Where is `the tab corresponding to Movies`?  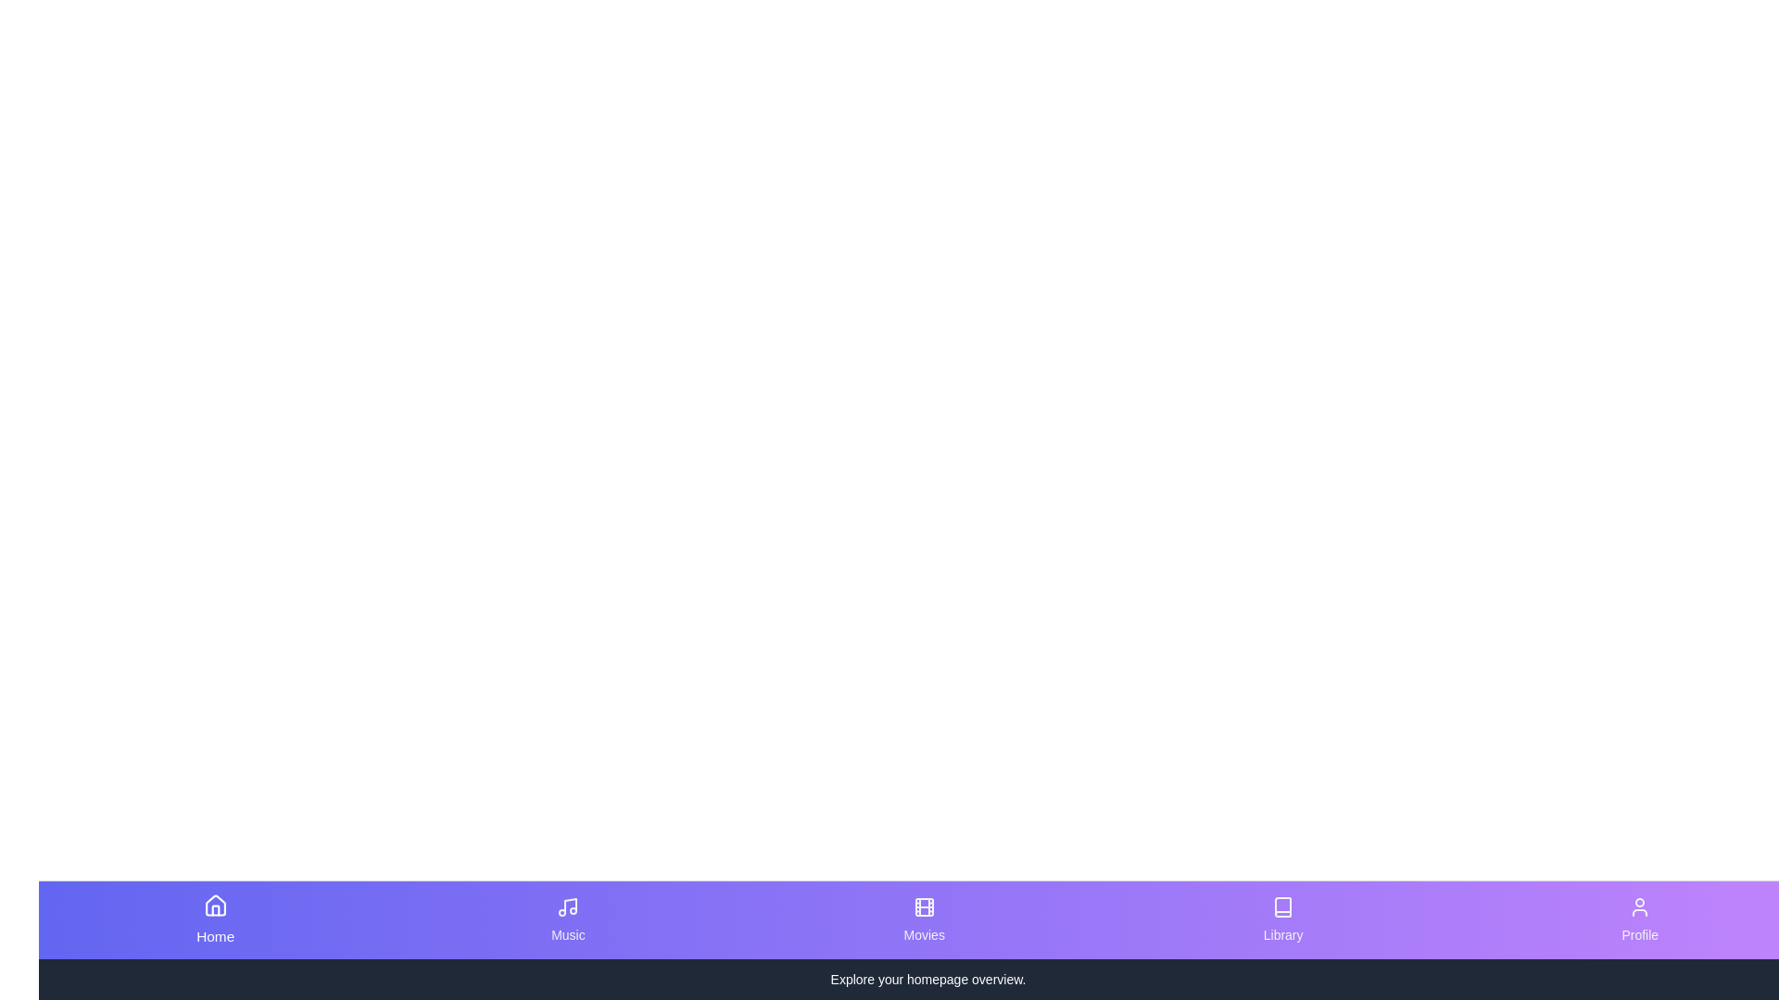
the tab corresponding to Movies is located at coordinates (924, 920).